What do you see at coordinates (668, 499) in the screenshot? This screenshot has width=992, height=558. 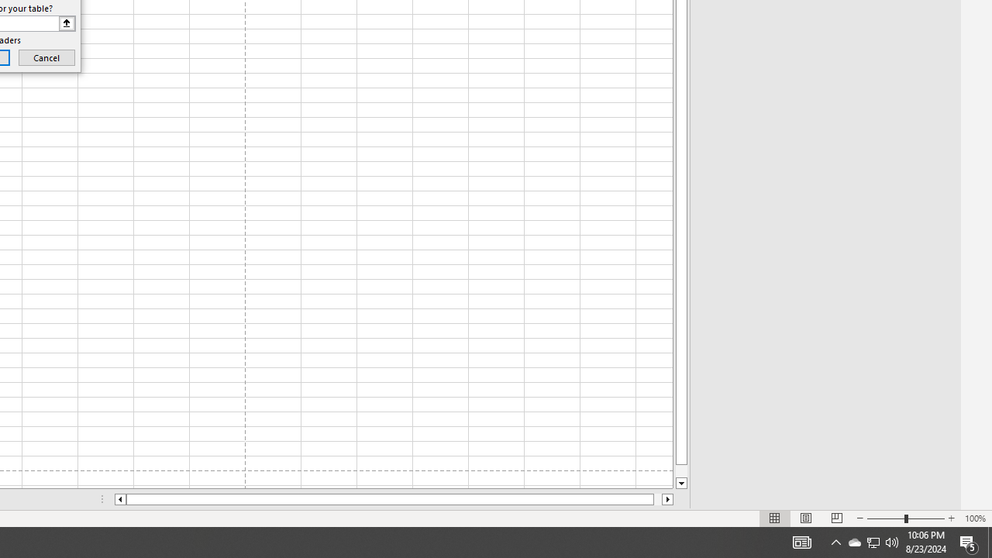 I see `'Column right'` at bounding box center [668, 499].